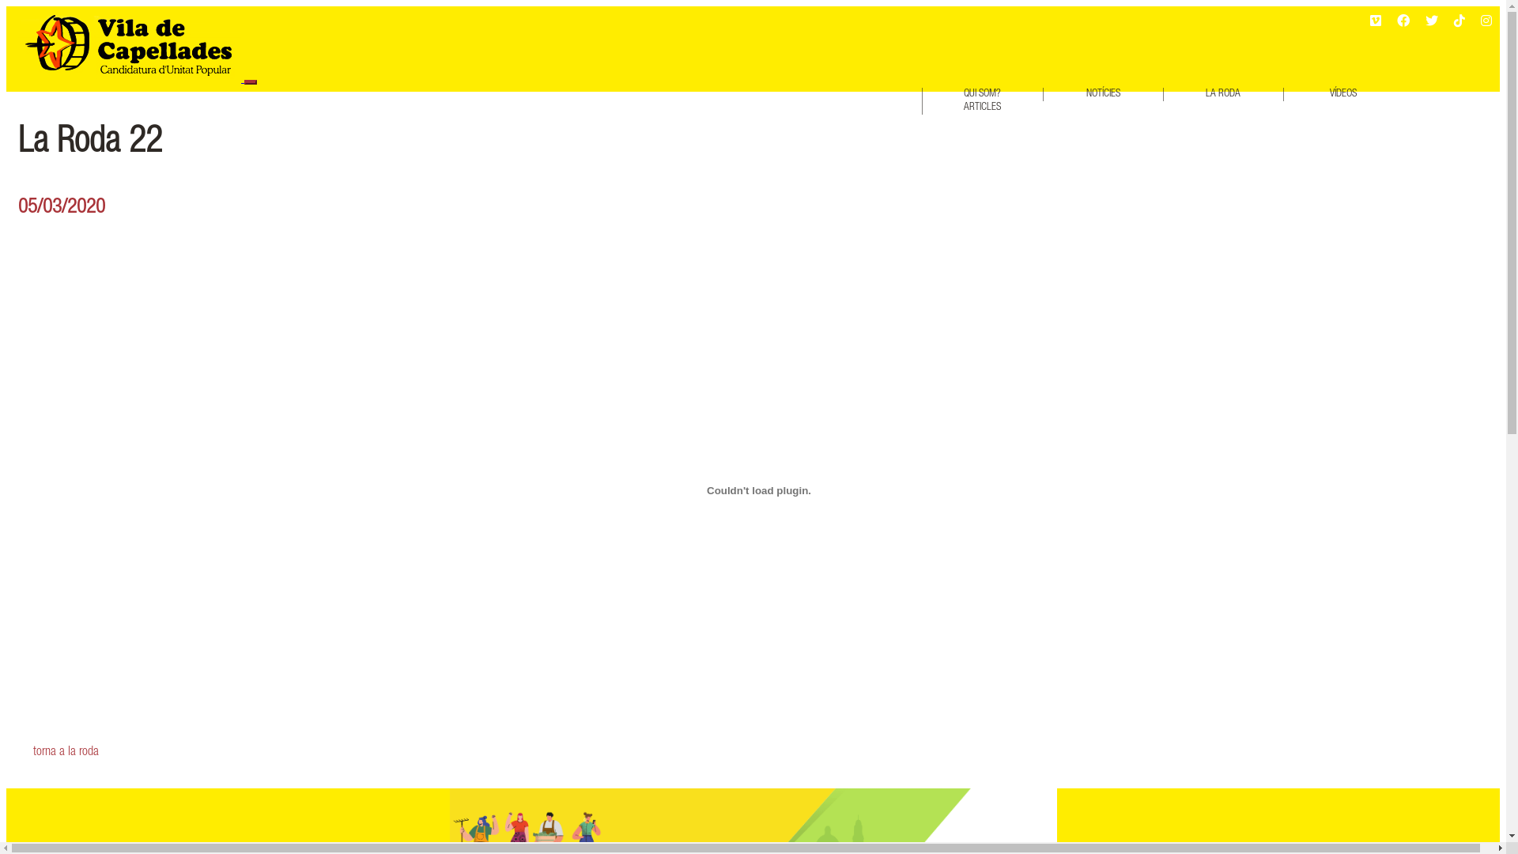 The image size is (1518, 854). What do you see at coordinates (981, 94) in the screenshot?
I see `'QUI SOM?'` at bounding box center [981, 94].